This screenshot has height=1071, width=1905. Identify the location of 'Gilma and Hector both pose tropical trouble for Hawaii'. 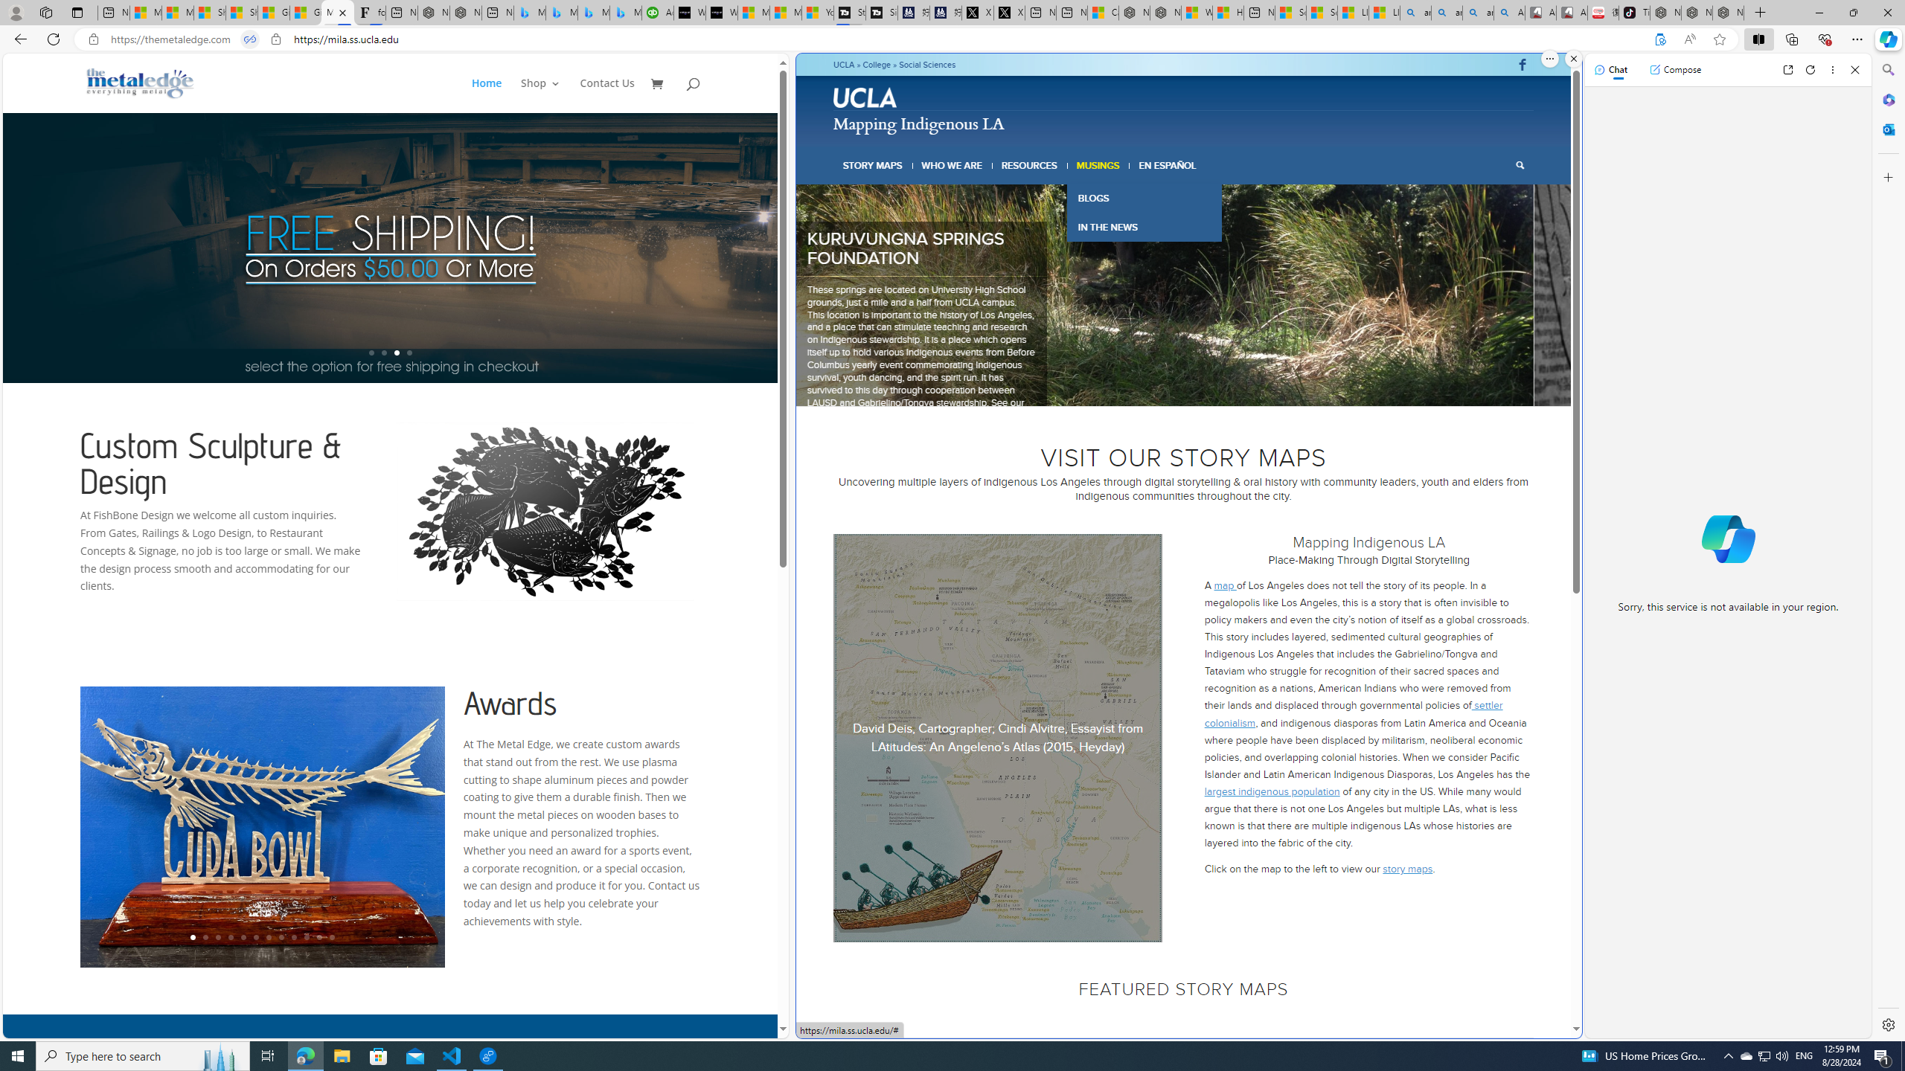
(304, 12).